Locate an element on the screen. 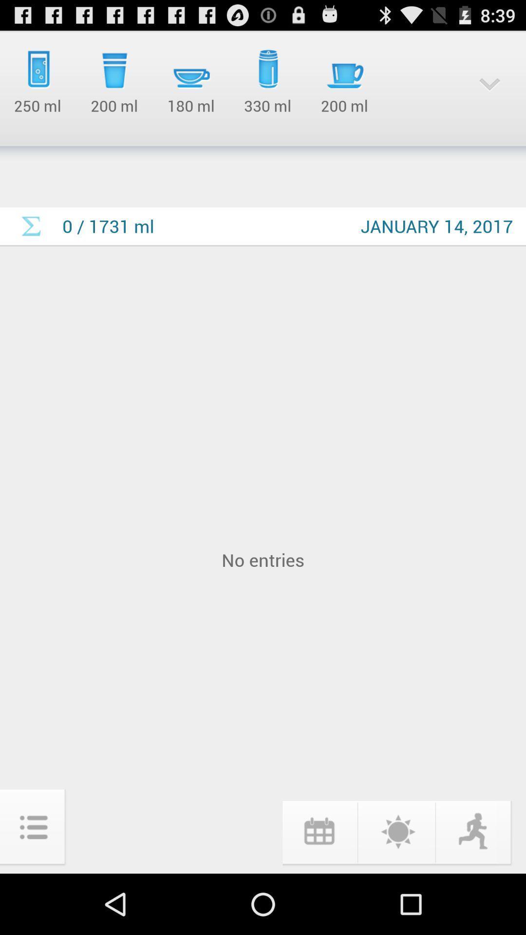 This screenshot has height=935, width=526. the date_range icon is located at coordinates (319, 889).